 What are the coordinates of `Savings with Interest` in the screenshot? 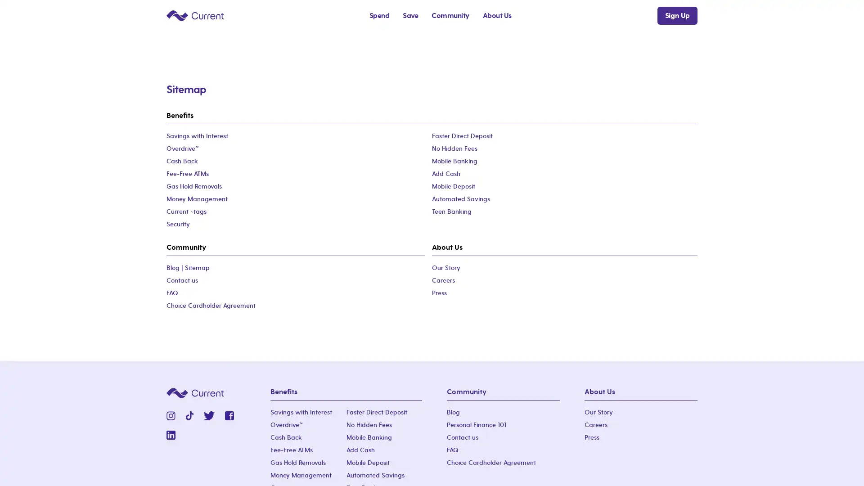 It's located at (301, 413).